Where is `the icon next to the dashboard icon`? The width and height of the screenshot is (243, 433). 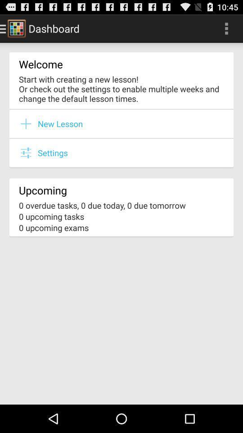
the icon next to the dashboard icon is located at coordinates (226, 28).